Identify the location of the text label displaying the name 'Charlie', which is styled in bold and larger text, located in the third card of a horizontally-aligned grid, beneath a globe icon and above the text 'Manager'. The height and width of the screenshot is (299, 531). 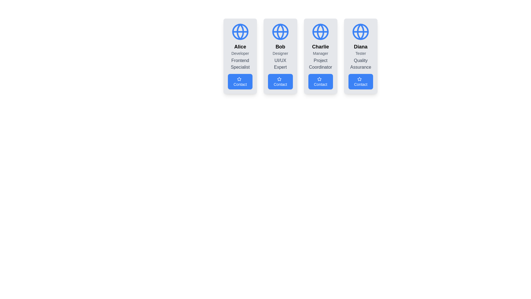
(321, 47).